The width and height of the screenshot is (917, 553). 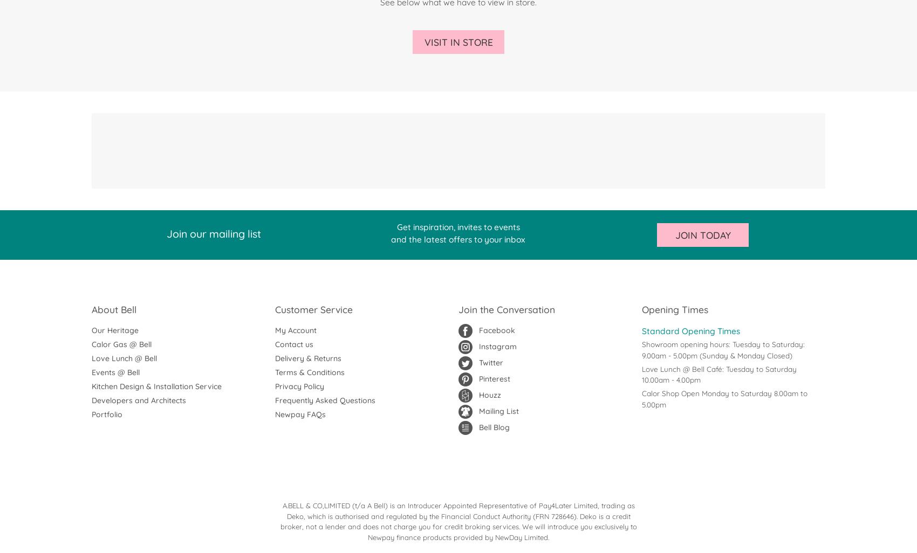 I want to click on 'Join Today', so click(x=702, y=234).